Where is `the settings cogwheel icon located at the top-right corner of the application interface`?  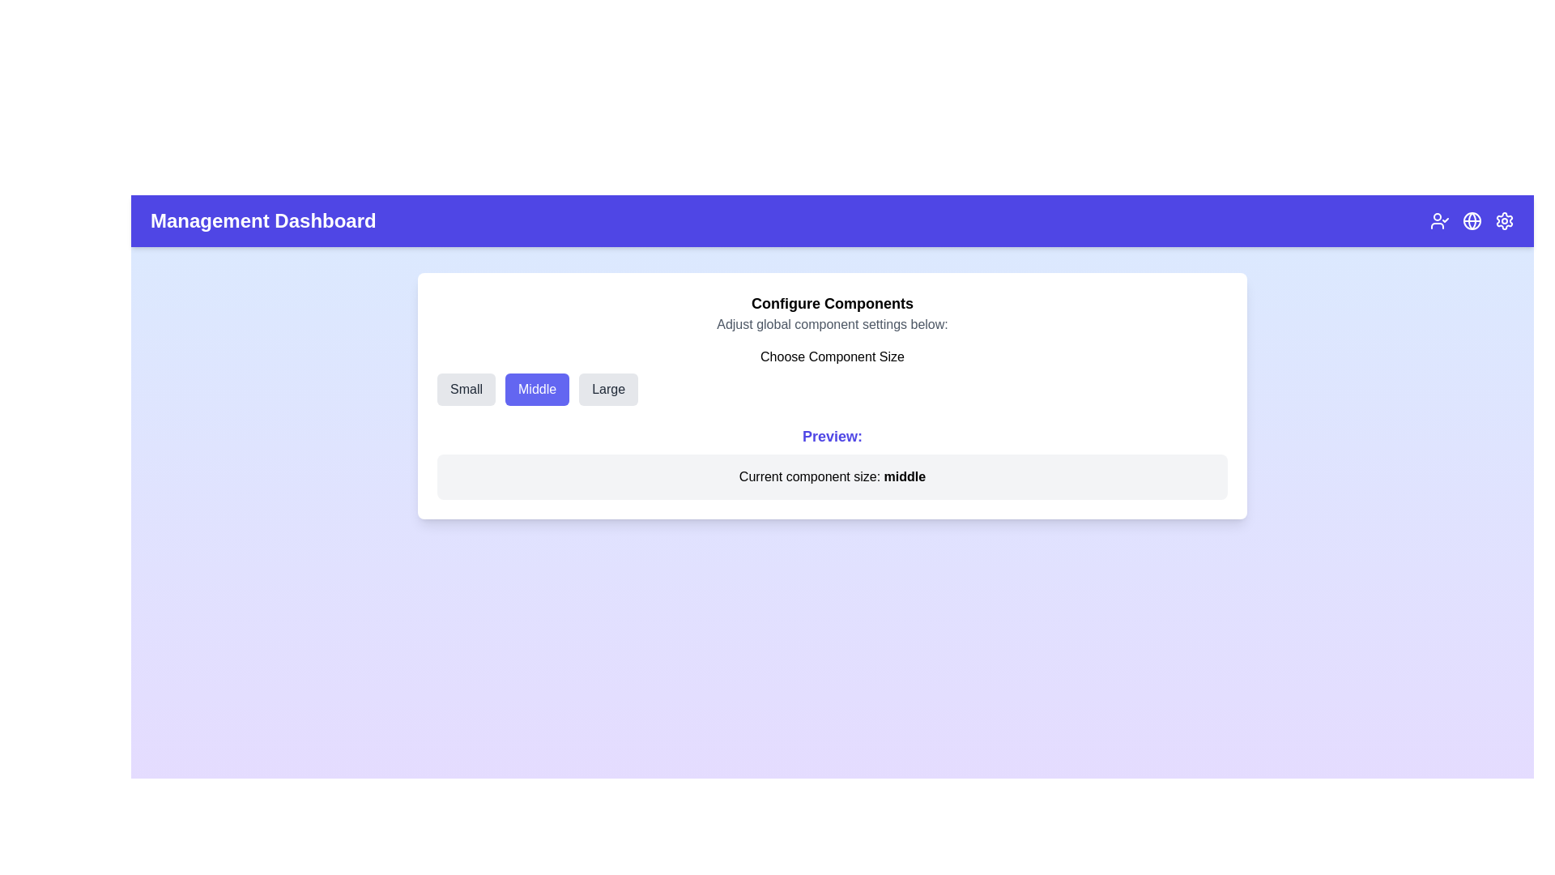
the settings cogwheel icon located at the top-right corner of the application interface is located at coordinates (1503, 221).